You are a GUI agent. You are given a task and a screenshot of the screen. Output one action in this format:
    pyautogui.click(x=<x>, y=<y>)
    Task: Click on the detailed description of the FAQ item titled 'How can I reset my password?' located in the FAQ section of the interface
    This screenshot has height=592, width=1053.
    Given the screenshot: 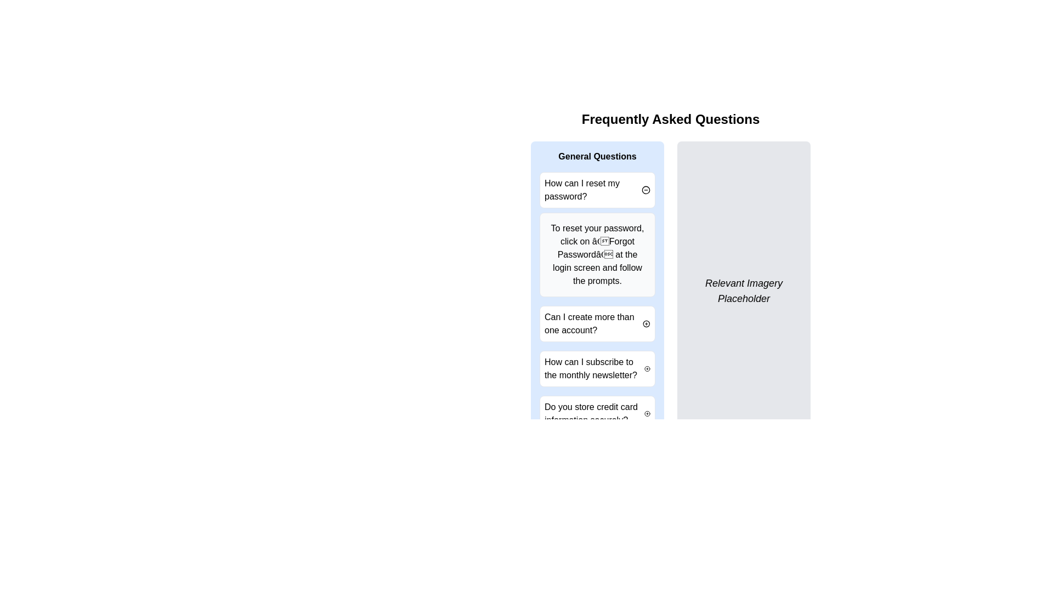 What is the action you would take?
    pyautogui.click(x=597, y=234)
    